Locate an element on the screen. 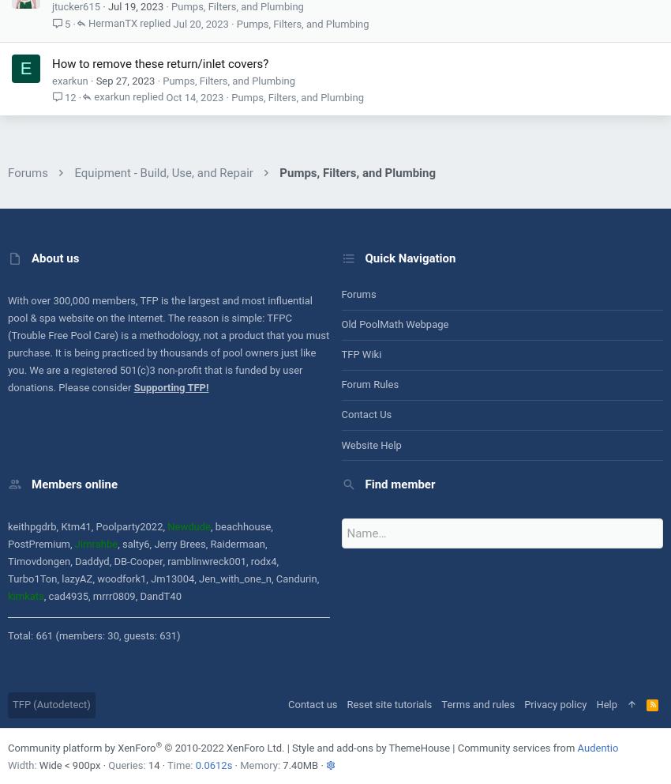 The height and width of the screenshot is (784, 671). '7.40MB' is located at coordinates (299, 764).